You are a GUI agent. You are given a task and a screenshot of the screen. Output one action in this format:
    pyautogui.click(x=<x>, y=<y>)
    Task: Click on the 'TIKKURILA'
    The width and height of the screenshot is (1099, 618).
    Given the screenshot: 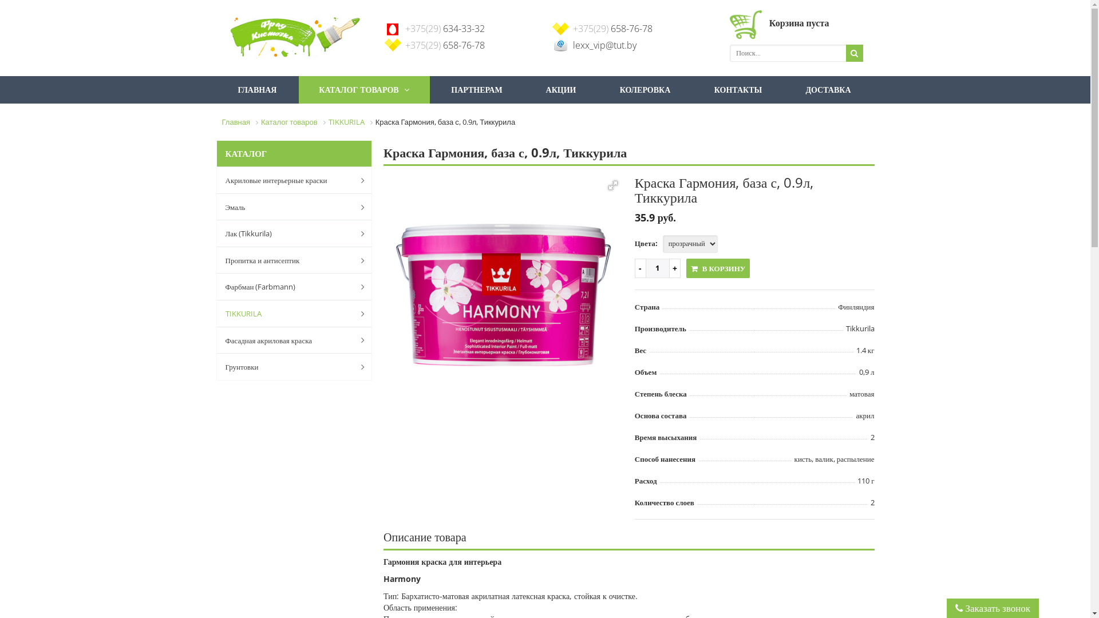 What is the action you would take?
    pyautogui.click(x=216, y=313)
    